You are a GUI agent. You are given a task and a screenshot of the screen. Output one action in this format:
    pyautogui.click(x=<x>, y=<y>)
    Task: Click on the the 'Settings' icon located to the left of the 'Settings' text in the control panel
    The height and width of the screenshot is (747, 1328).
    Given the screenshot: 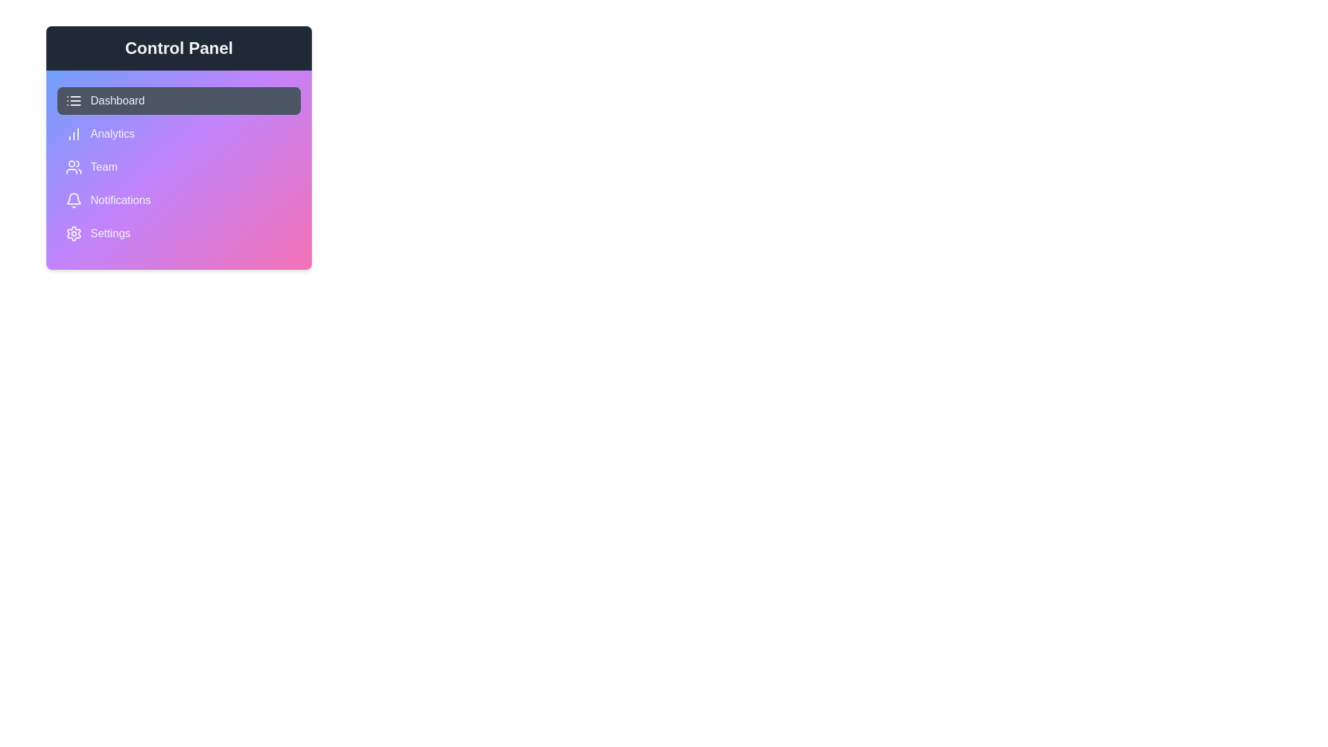 What is the action you would take?
    pyautogui.click(x=73, y=233)
    